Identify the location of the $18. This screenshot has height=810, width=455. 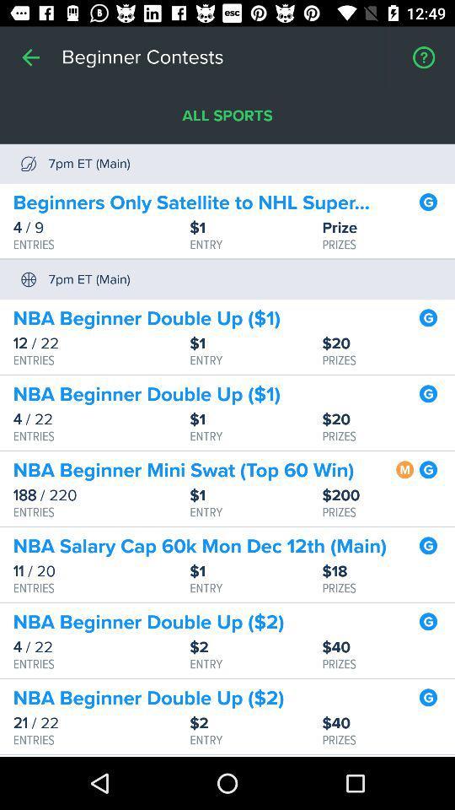
(388, 571).